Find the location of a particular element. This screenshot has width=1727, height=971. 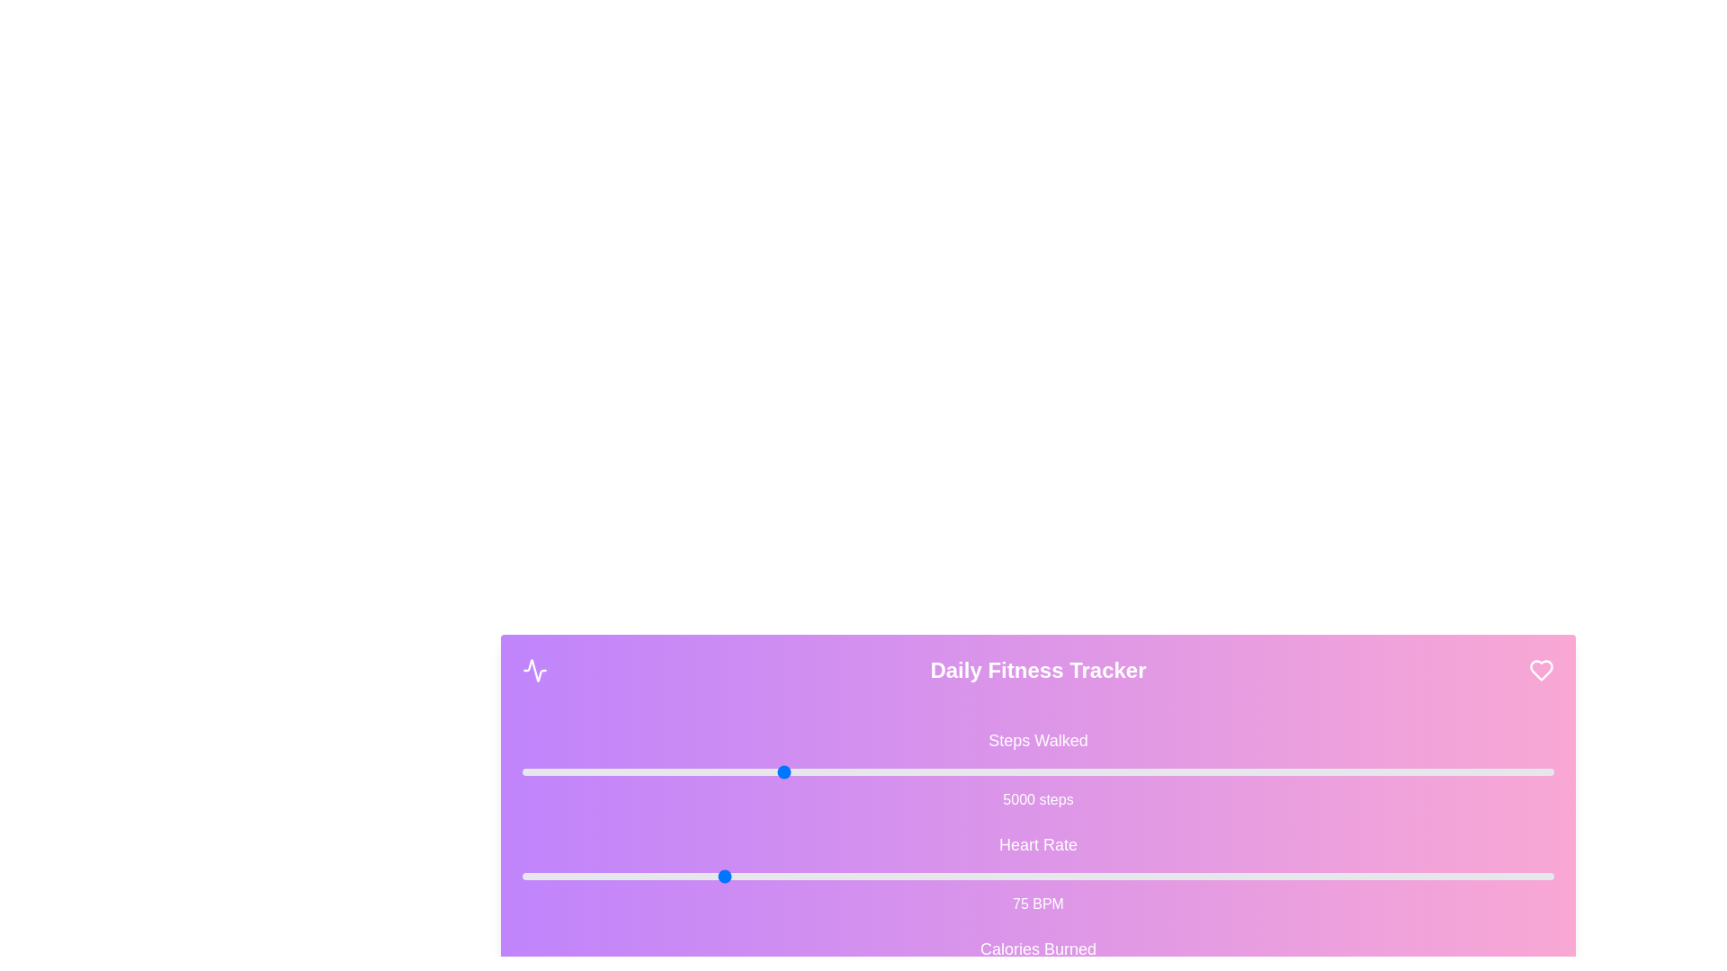

the 'Heart Rate' slider to 64 BPM is located at coordinates (633, 876).